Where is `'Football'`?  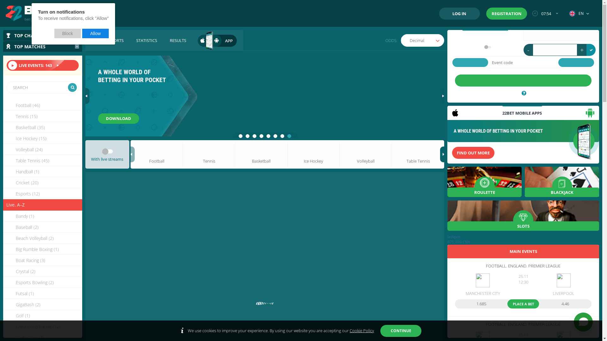
'Football' is located at coordinates (156, 154).